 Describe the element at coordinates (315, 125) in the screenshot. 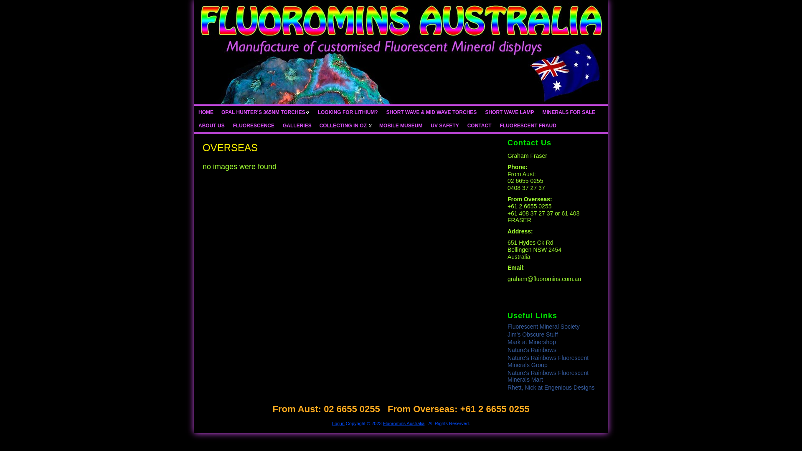

I see `'COLLECTING IN OZ'` at that location.